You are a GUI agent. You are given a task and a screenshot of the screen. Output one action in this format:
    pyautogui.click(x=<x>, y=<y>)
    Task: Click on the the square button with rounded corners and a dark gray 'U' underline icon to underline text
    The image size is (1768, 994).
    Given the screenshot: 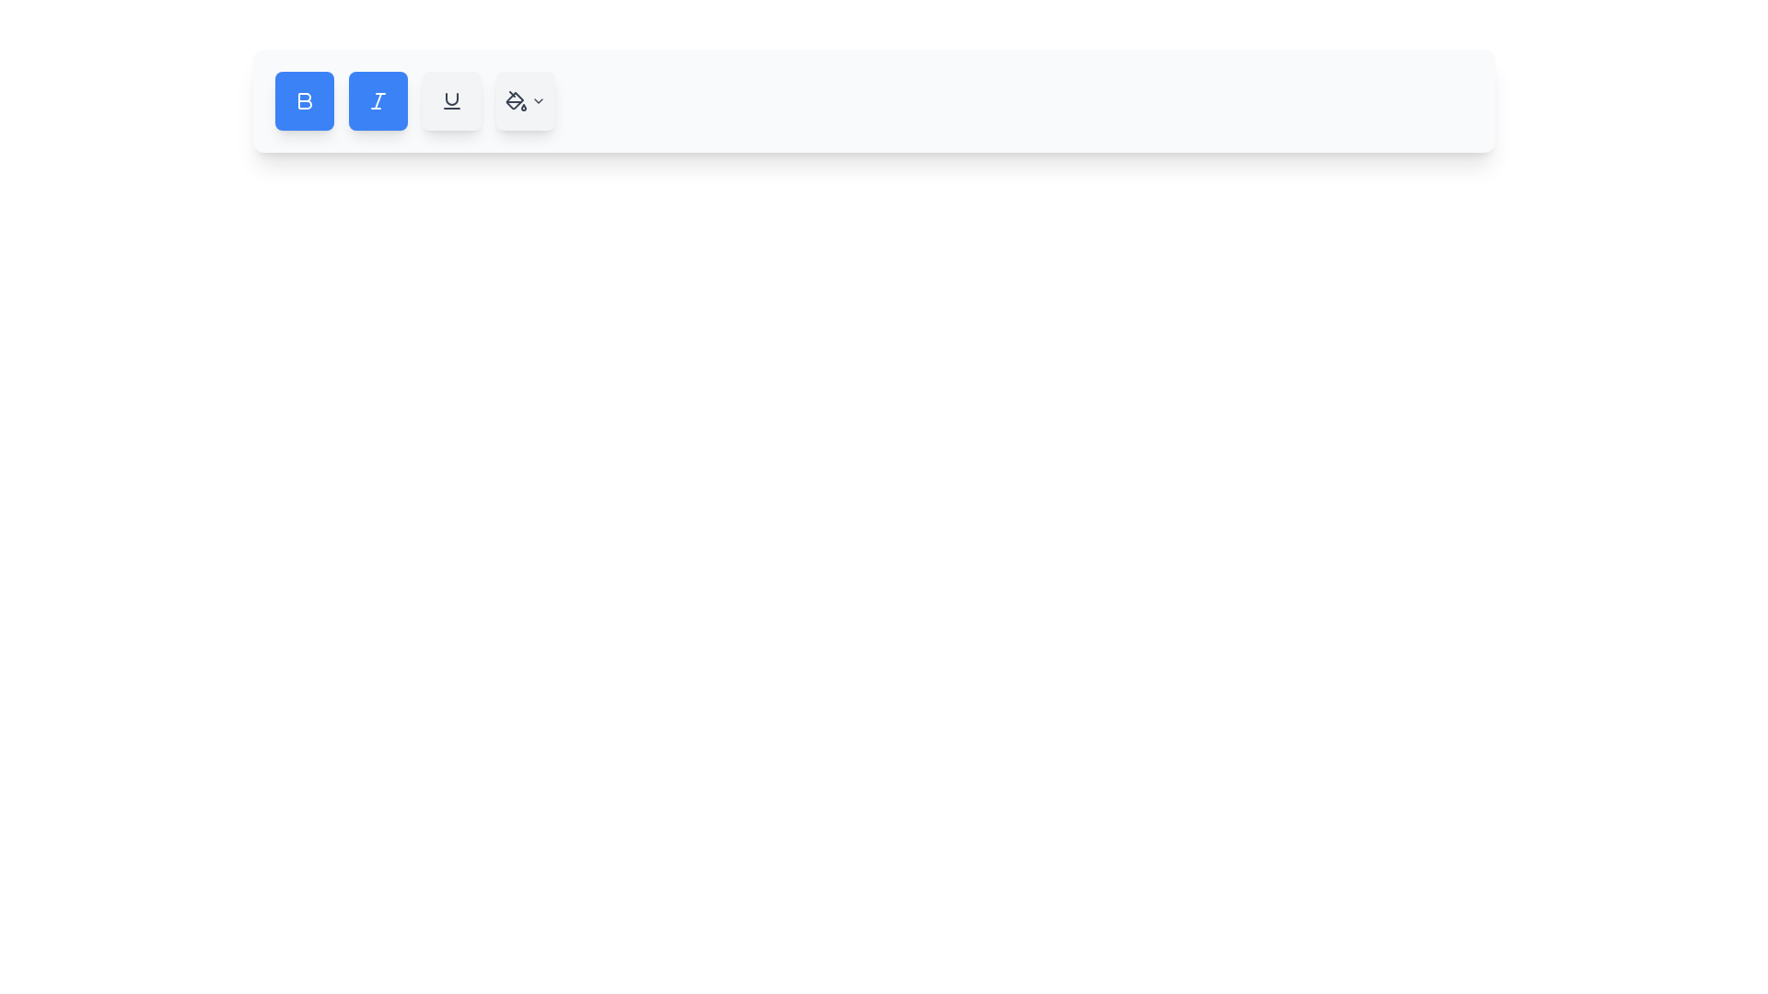 What is the action you would take?
    pyautogui.click(x=451, y=101)
    